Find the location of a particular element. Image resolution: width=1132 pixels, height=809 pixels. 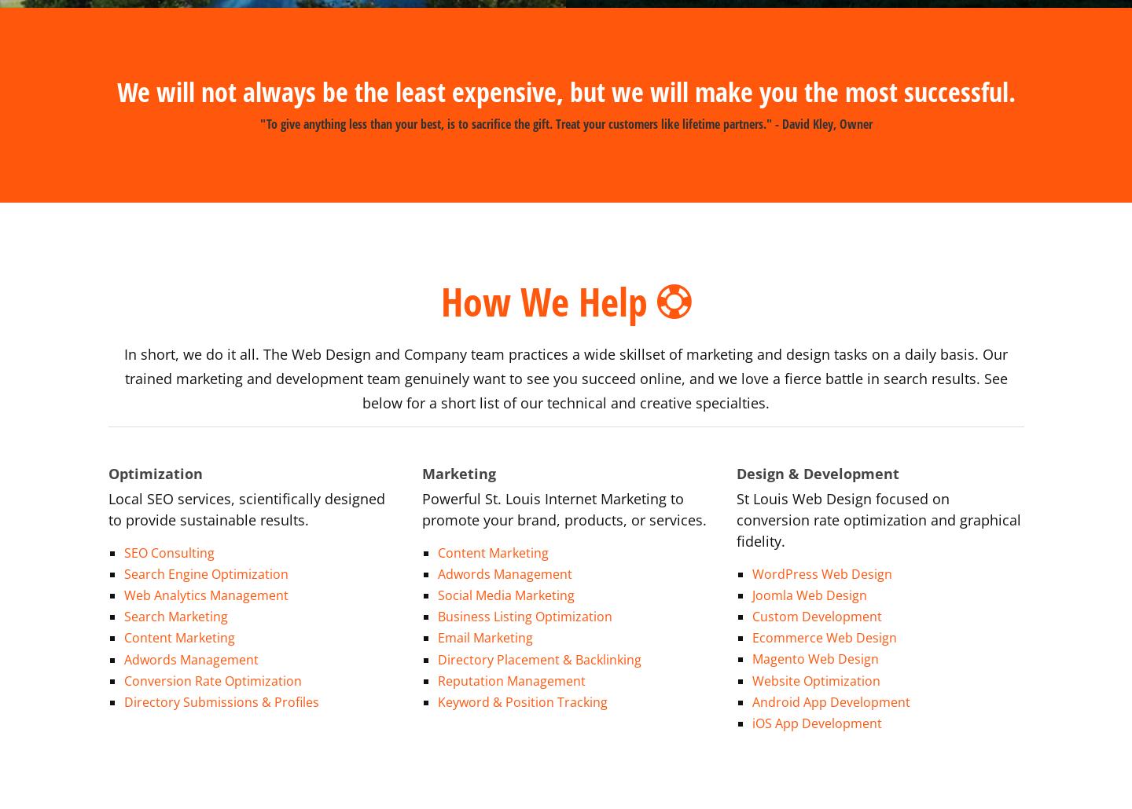

'Magento Web Design' is located at coordinates (752, 639).